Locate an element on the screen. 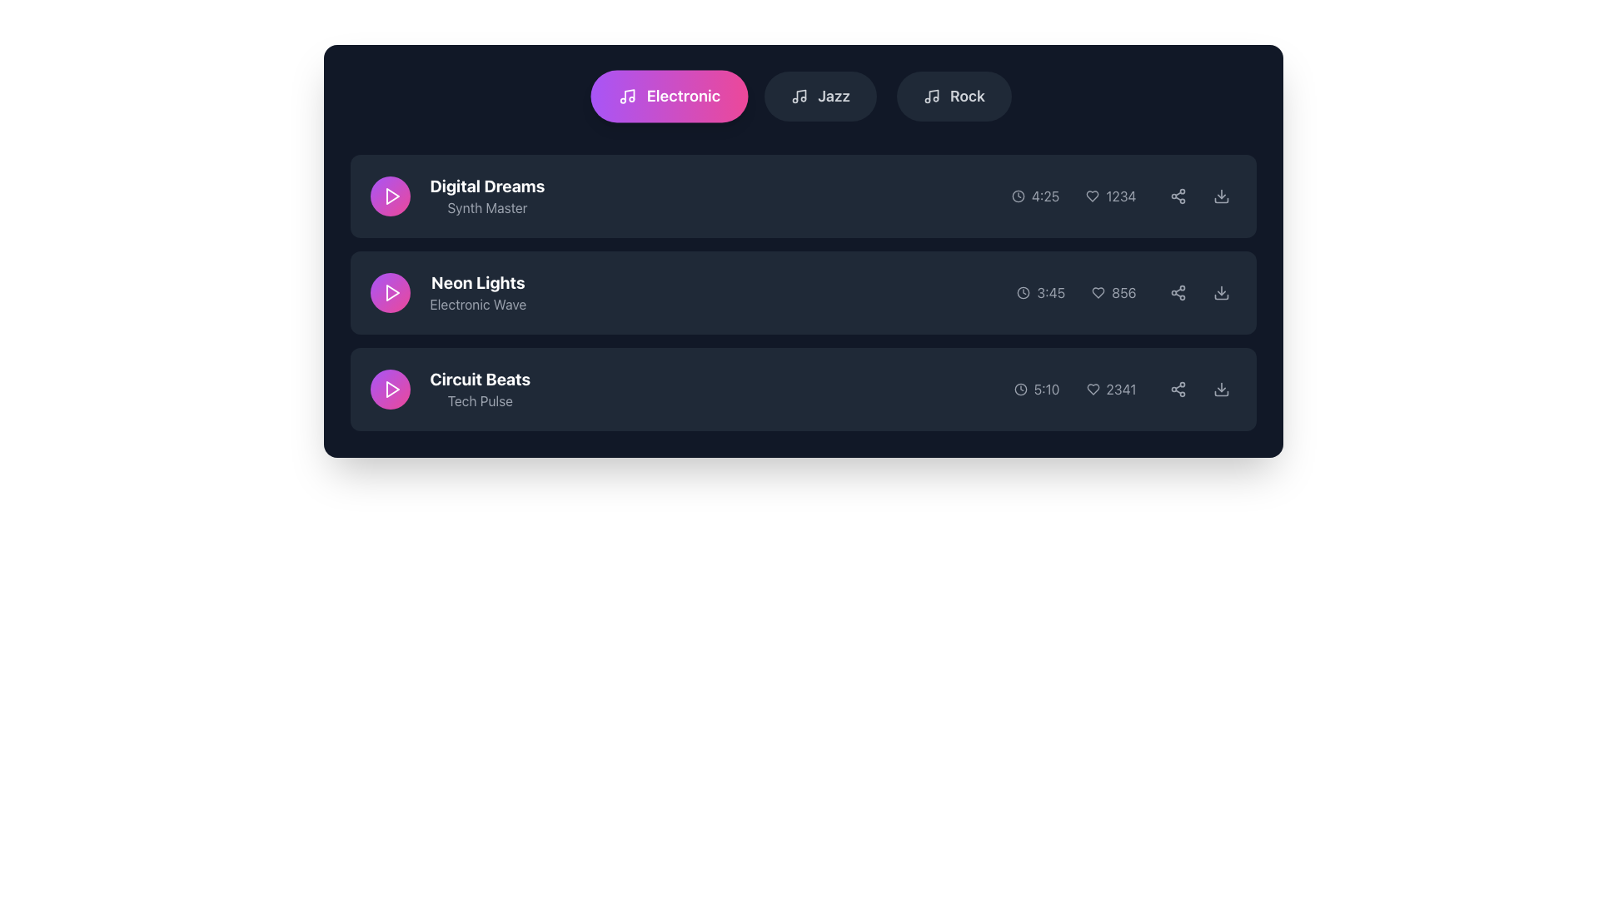  the informational metadata display for the music track 'Circuit Beats', located towards the right side of the row, showing duration and likes is located at coordinates (1125, 389).